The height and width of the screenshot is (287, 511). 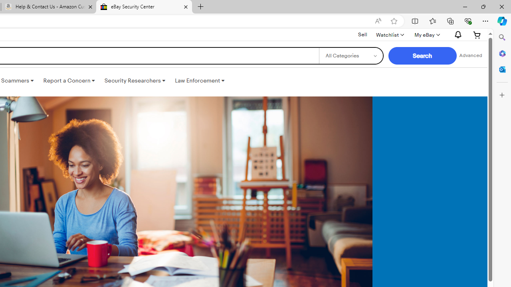 I want to click on 'WatchlistExpand Watch List', so click(x=390, y=34).